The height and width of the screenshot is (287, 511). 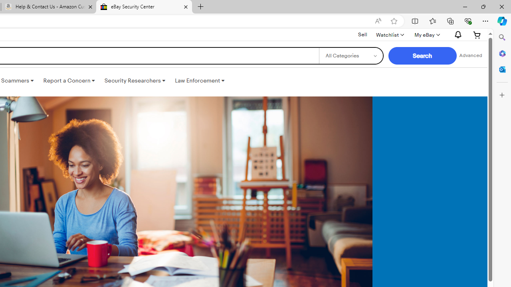 I want to click on 'WatchlistExpand Watch List', so click(x=390, y=34).